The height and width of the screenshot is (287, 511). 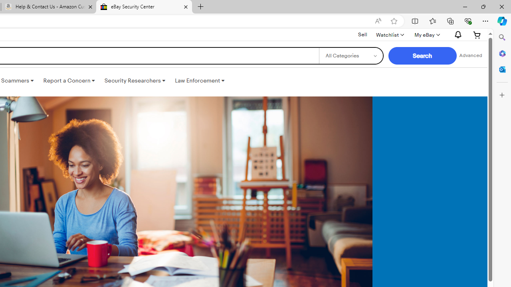 I want to click on 'WatchlistExpand Watch List', so click(x=390, y=34).